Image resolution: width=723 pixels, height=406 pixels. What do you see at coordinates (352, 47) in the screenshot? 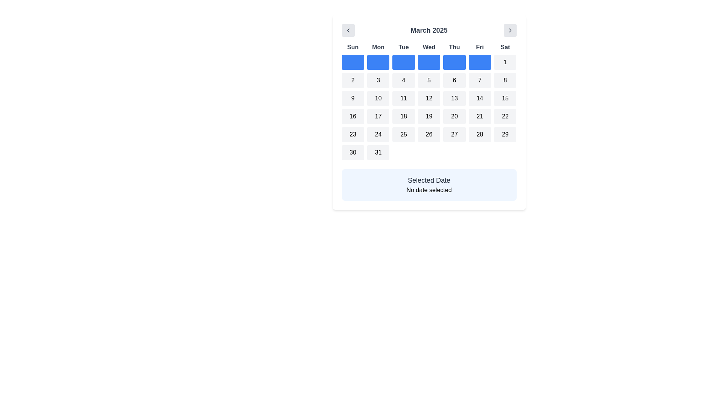
I see `the text label displaying 'Sun', which is the first element in the weekday header row of the calendar interface` at bounding box center [352, 47].